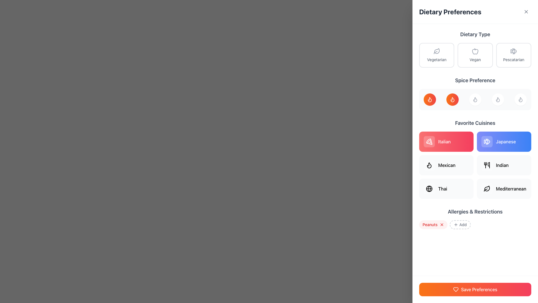 This screenshot has width=538, height=303. What do you see at coordinates (460, 224) in the screenshot?
I see `the rounded button labeled '+ Add' with a dashed border in the 'Allergies & Restrictions' section` at bounding box center [460, 224].